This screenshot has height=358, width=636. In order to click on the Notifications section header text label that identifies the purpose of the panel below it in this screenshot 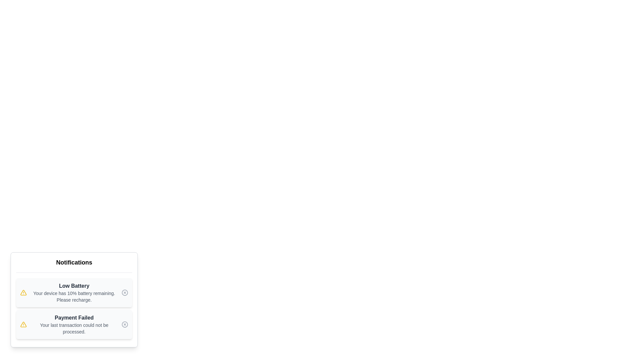, I will do `click(74, 262)`.